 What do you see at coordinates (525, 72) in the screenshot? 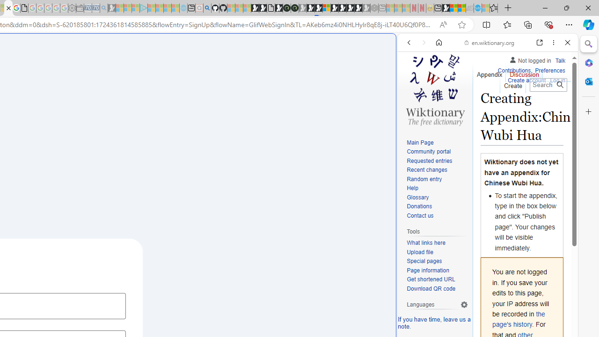
I see `'Discussion'` at bounding box center [525, 72].